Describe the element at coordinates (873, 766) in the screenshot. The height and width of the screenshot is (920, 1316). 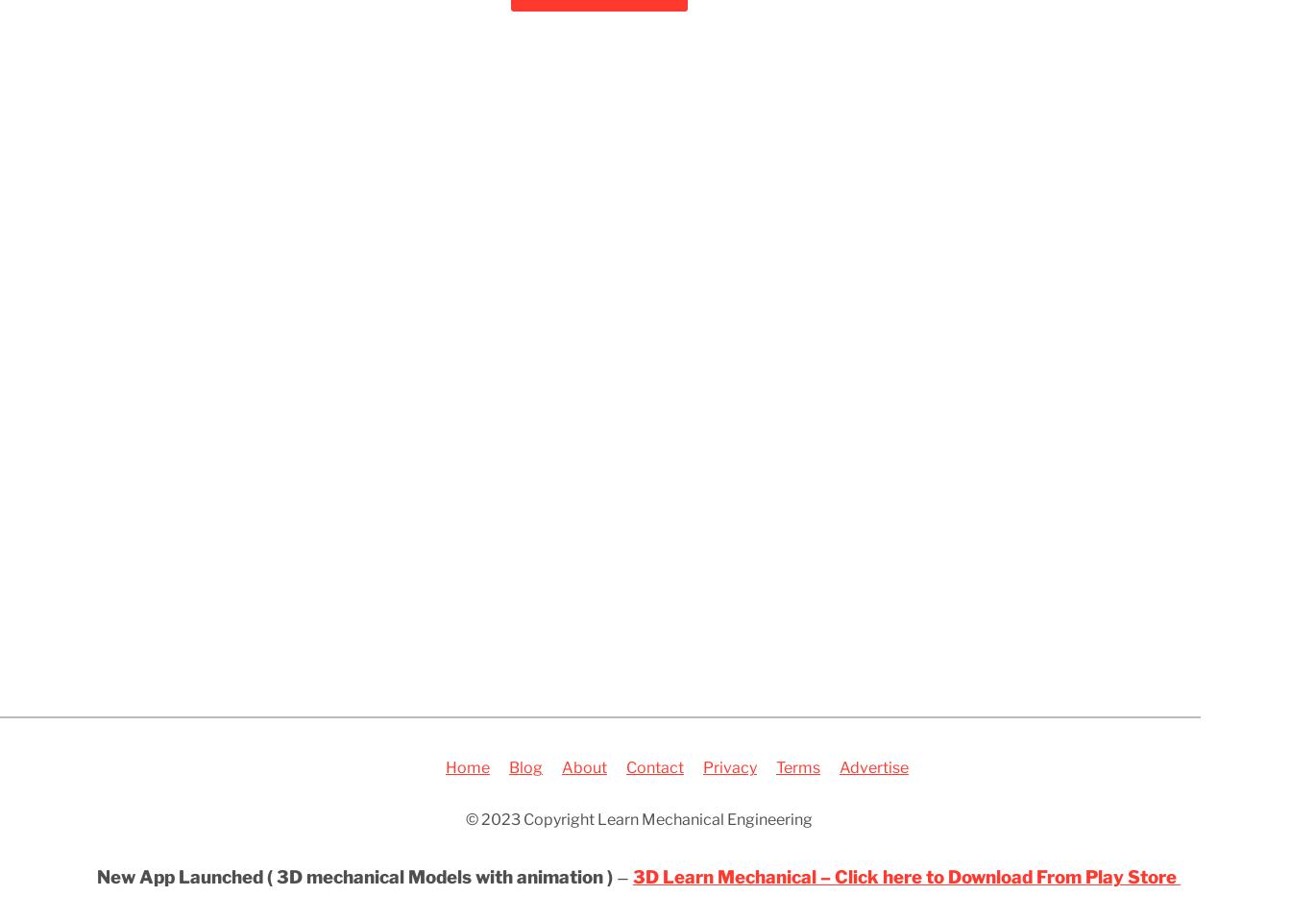
I see `'Advertise'` at that location.